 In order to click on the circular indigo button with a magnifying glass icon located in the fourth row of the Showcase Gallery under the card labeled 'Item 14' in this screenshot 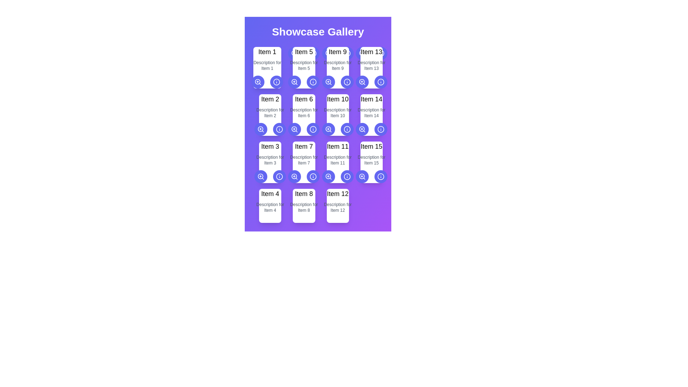, I will do `click(362, 129)`.